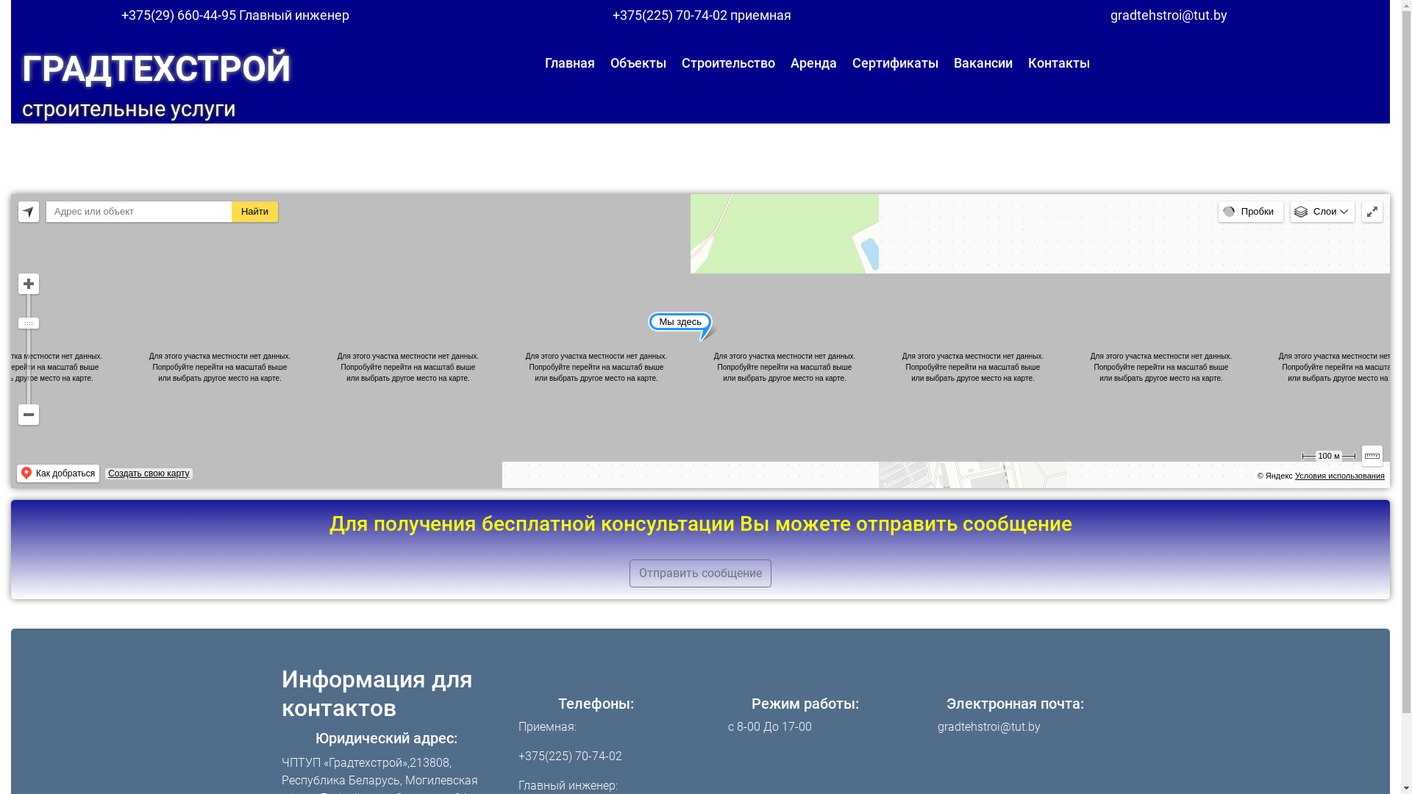 This screenshot has height=794, width=1412. I want to click on 'gradtehstroi@tut.by', so click(1110, 15).